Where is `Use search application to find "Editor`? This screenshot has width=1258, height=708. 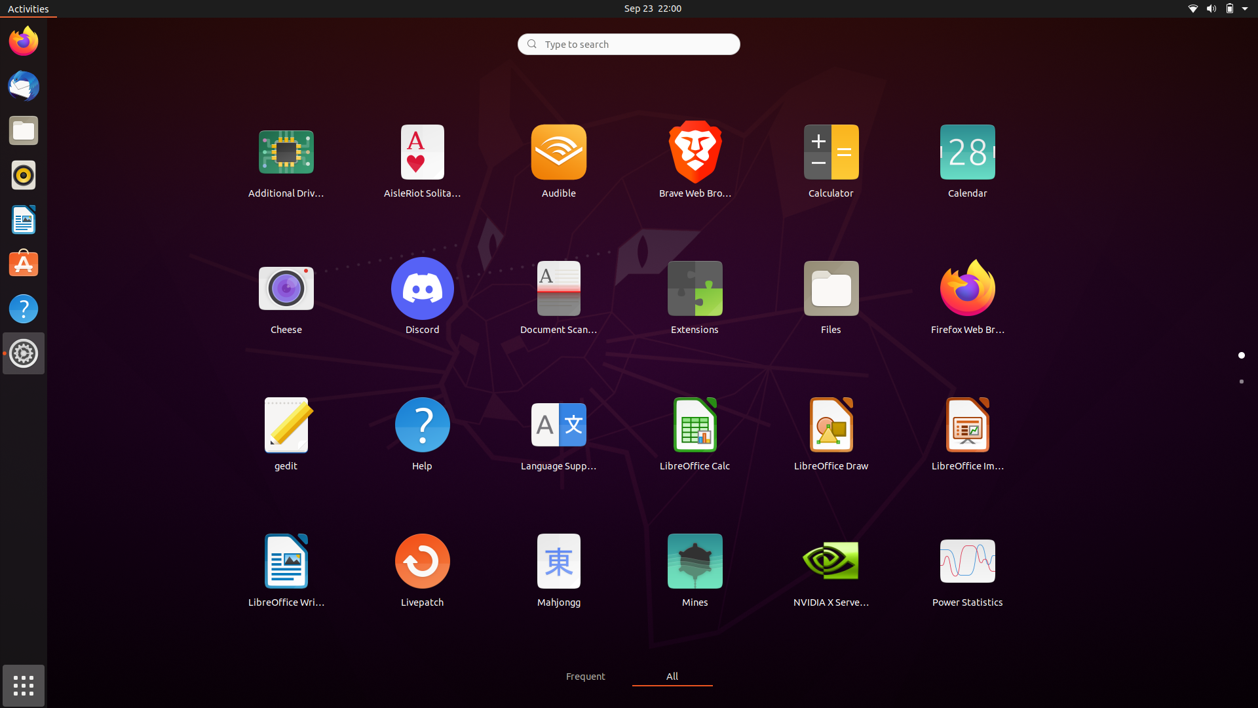
Use search application to find "Editor is located at coordinates (628, 43).